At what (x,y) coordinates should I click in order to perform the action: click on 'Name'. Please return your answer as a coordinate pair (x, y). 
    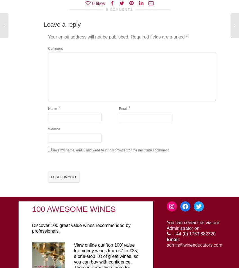
    Looking at the image, I should click on (52, 109).